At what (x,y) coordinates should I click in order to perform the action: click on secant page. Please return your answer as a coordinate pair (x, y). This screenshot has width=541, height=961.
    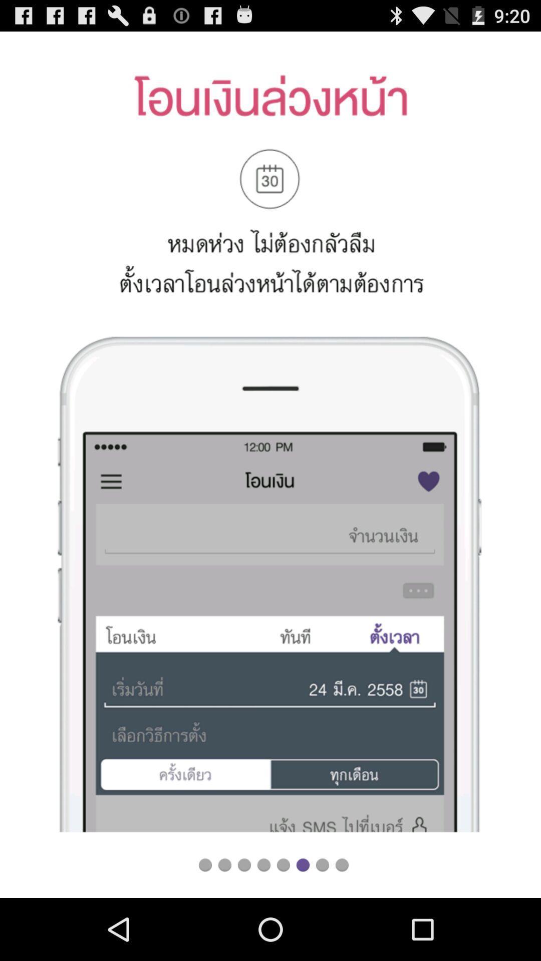
    Looking at the image, I should click on (224, 864).